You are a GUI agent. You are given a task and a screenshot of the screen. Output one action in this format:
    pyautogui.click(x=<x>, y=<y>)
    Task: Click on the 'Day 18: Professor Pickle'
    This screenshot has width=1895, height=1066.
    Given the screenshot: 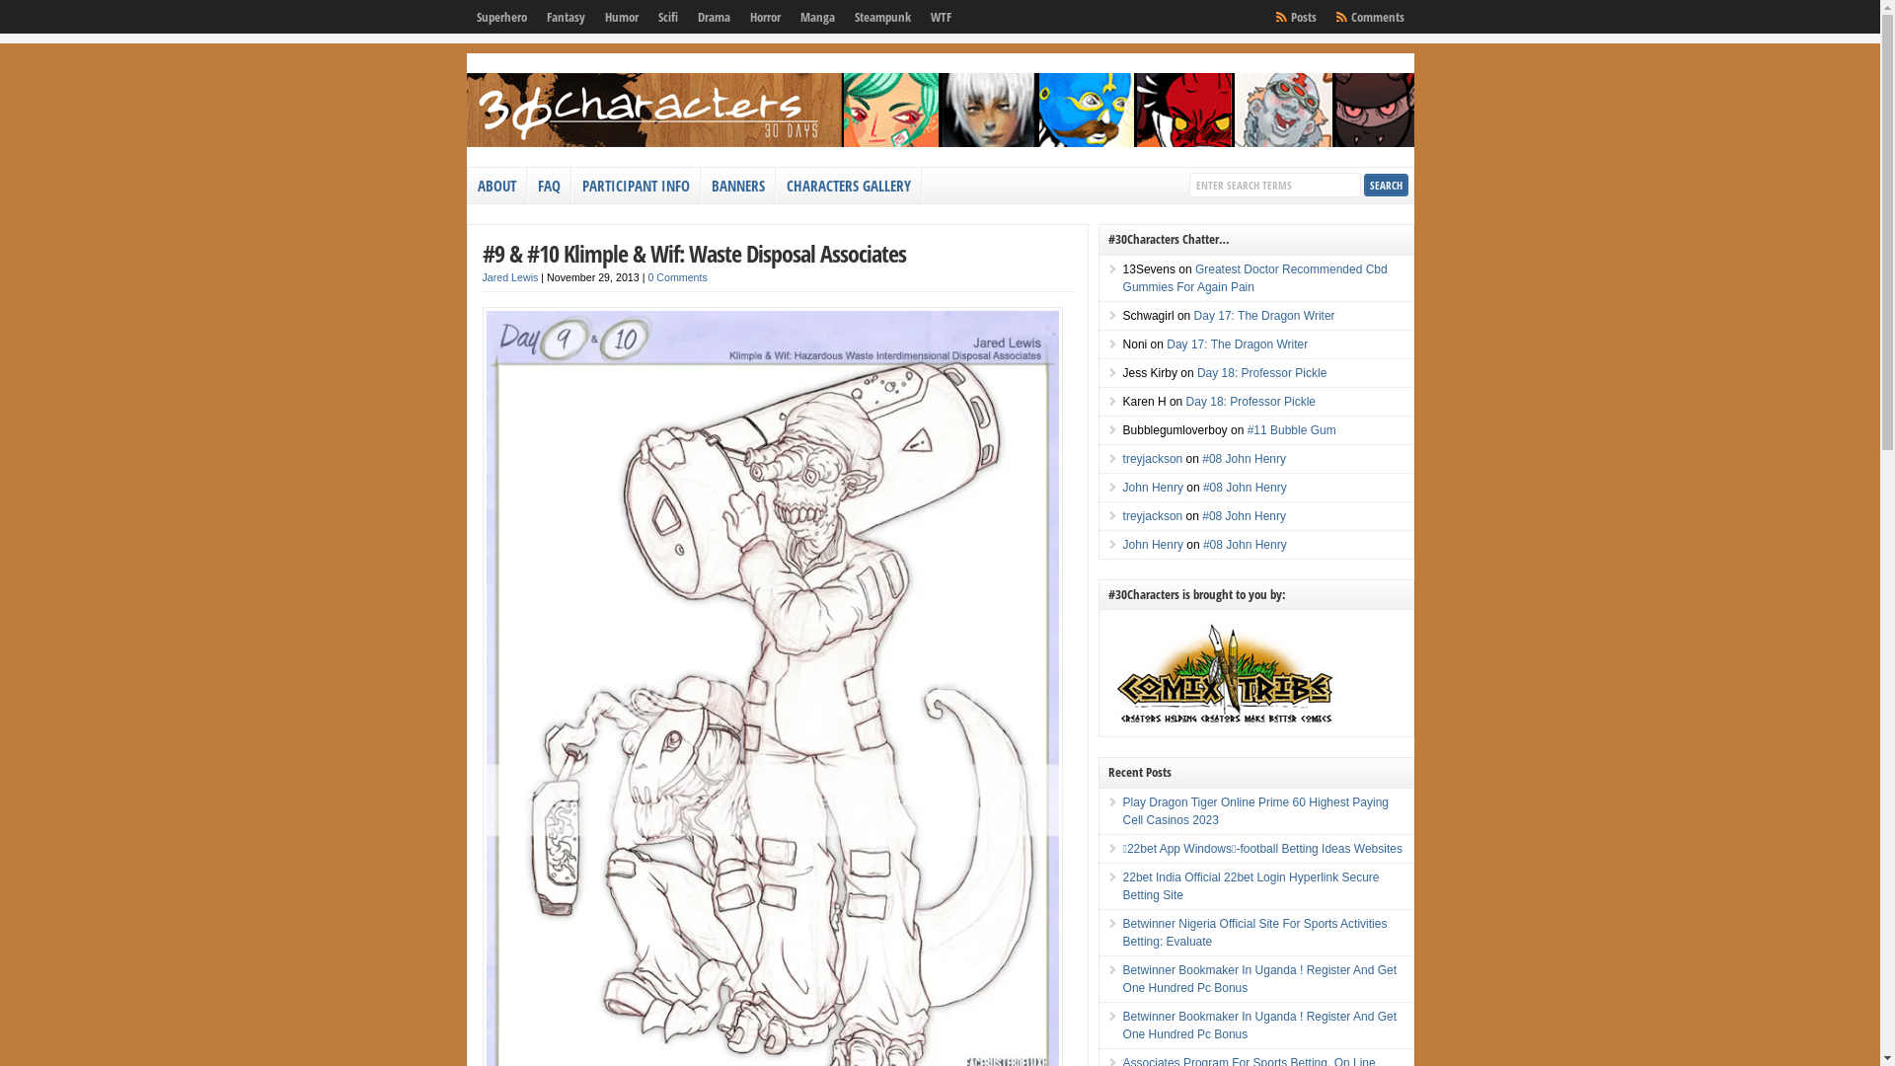 What is the action you would take?
    pyautogui.click(x=1260, y=372)
    